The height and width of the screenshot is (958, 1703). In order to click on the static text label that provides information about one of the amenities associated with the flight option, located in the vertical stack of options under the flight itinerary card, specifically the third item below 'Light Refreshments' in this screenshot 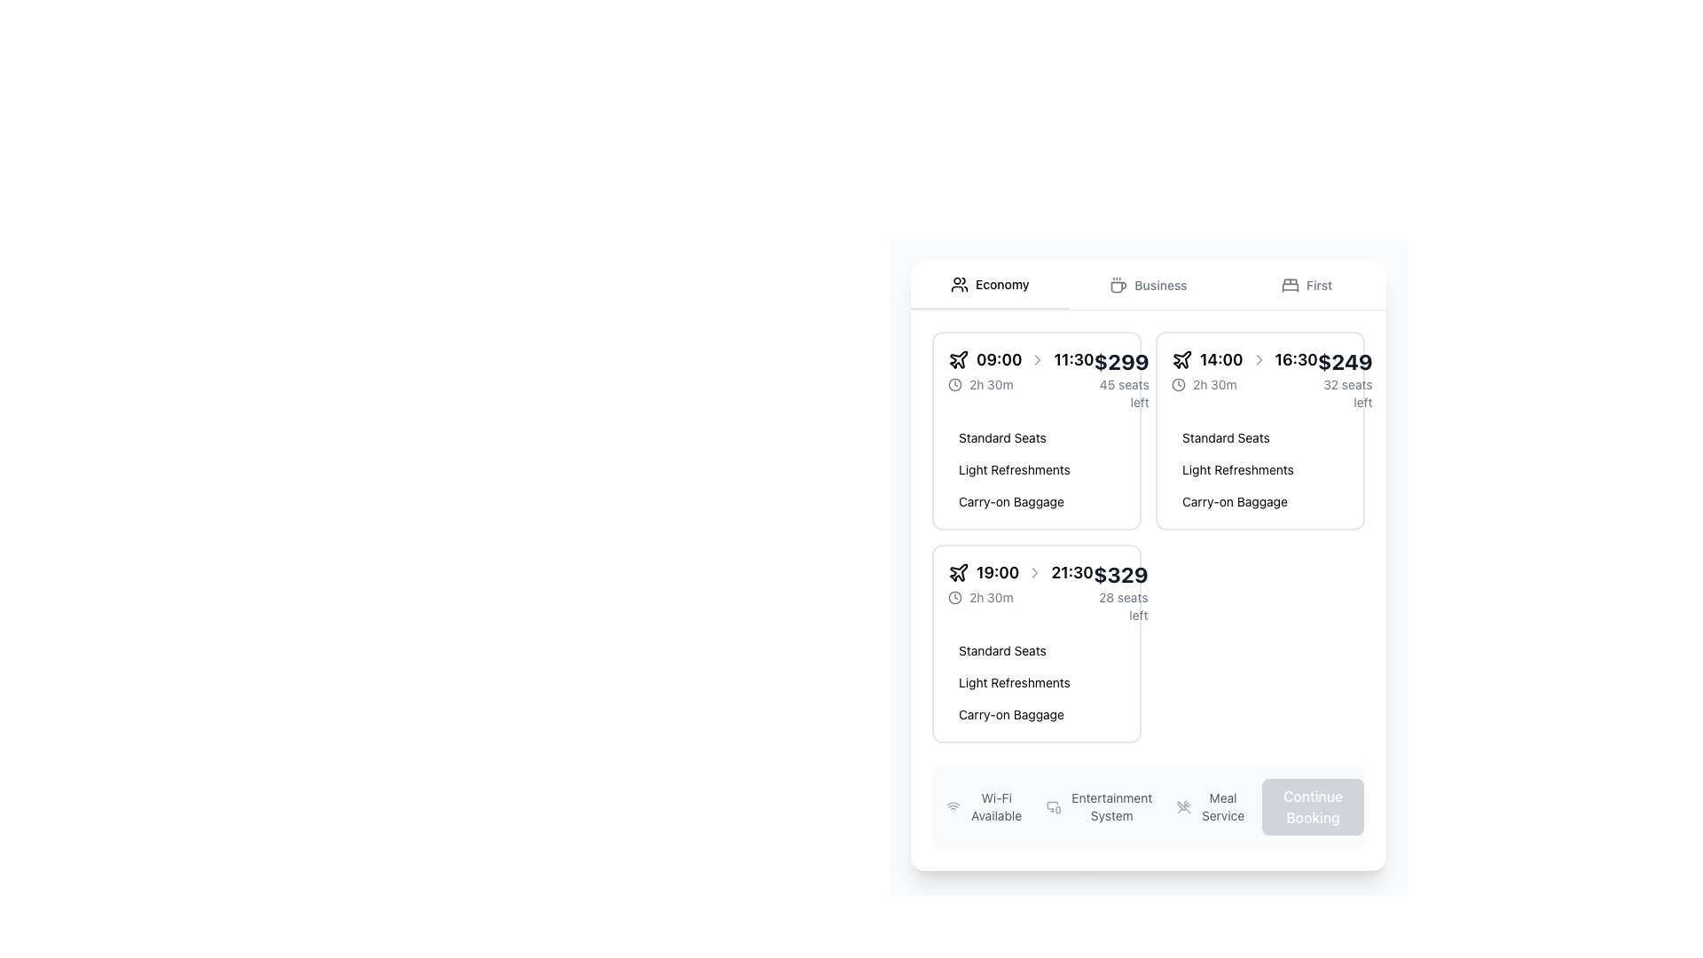, I will do `click(1011, 714)`.